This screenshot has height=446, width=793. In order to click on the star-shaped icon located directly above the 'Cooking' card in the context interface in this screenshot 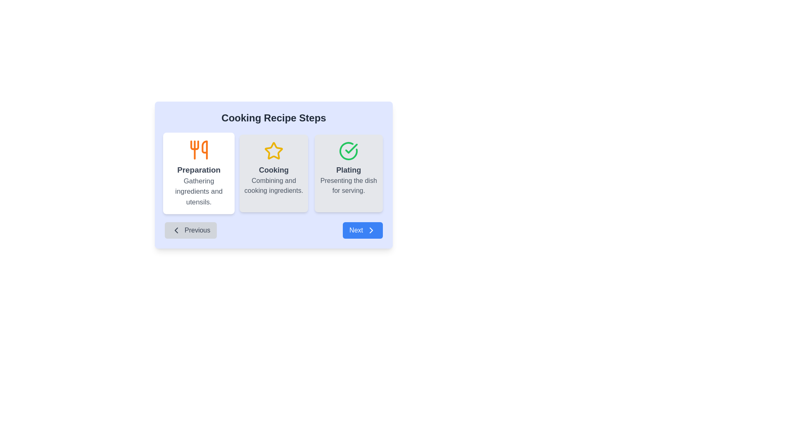, I will do `click(273, 151)`.